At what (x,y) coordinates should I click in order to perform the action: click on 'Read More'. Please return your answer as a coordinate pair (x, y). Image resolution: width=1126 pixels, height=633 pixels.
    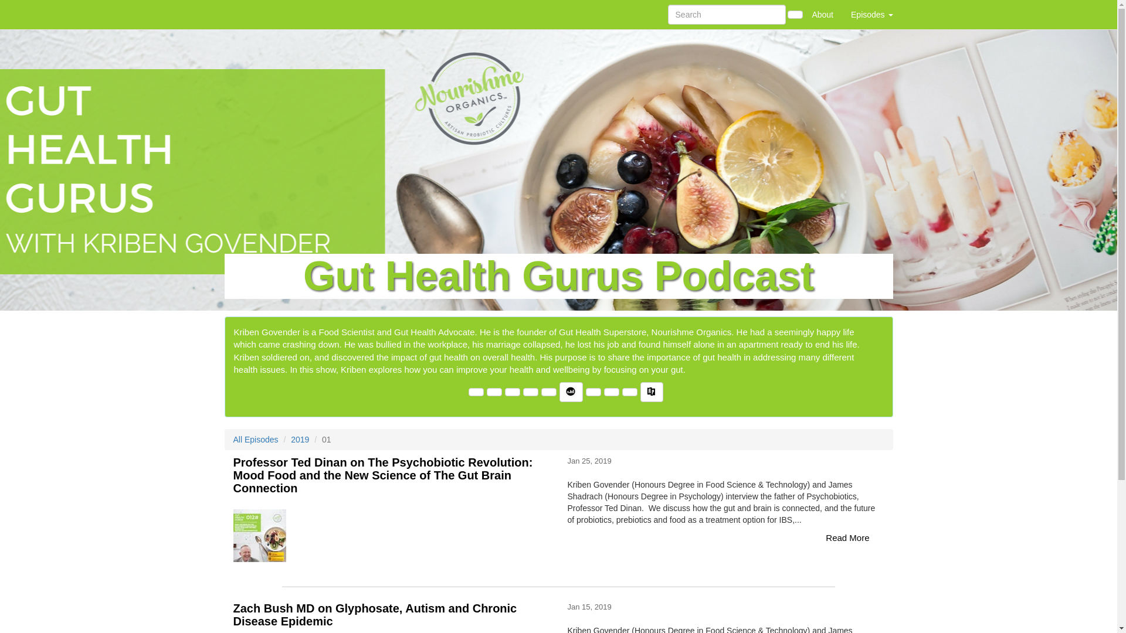
    Looking at the image, I should click on (847, 537).